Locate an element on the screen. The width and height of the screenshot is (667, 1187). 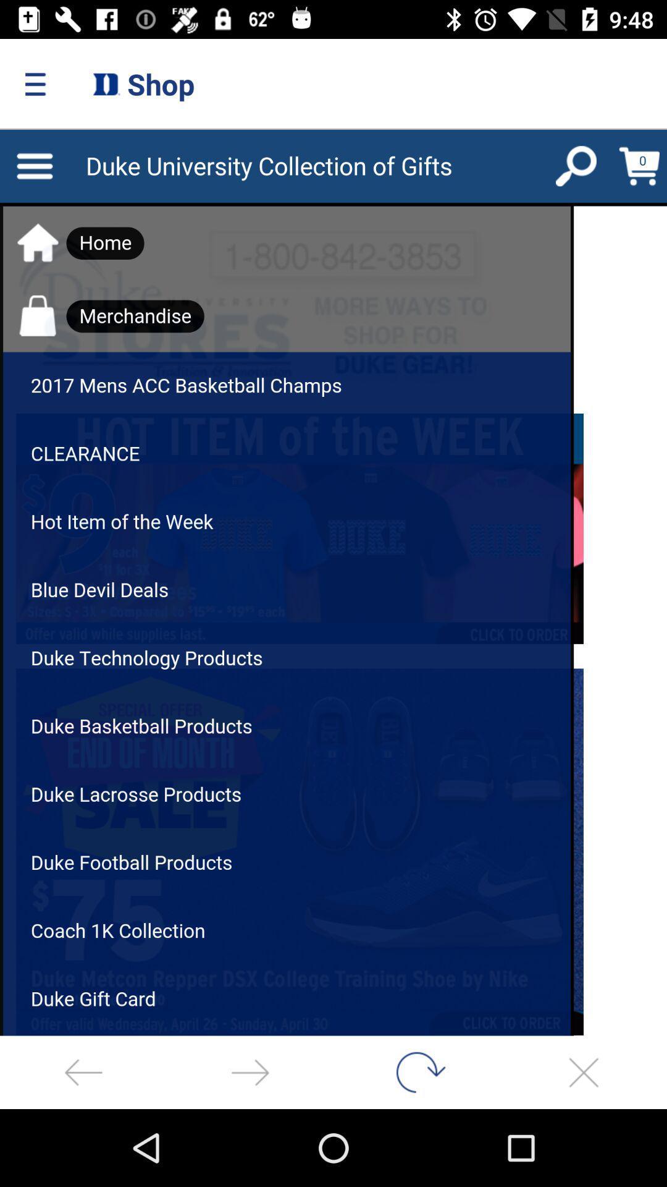
duke shop main page is located at coordinates (333, 582).